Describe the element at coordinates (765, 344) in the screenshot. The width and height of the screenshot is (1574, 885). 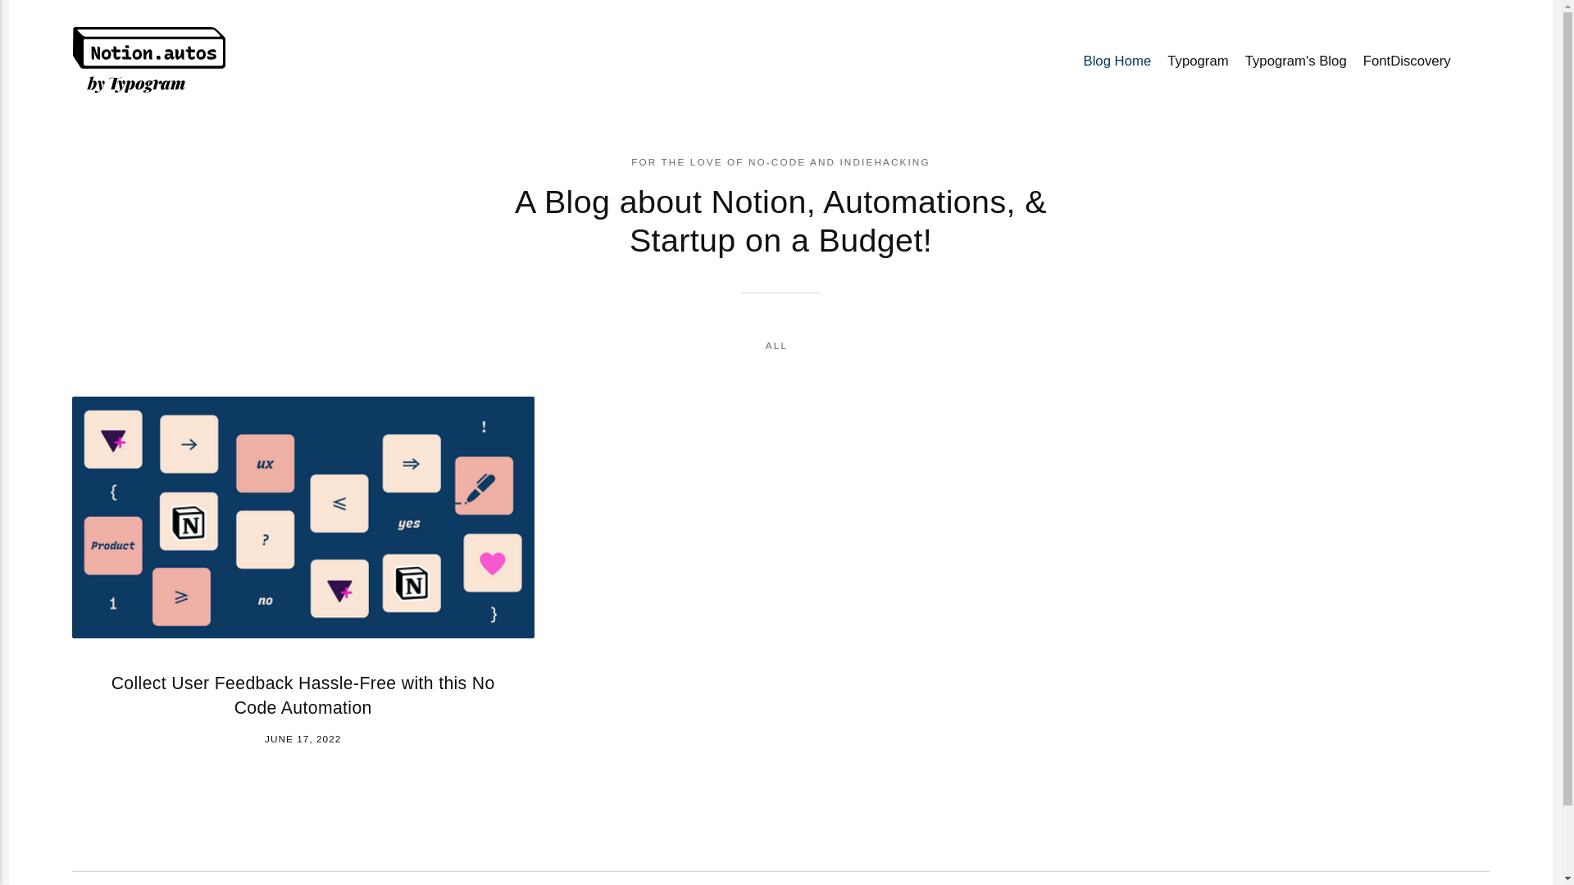
I see `'ALL'` at that location.